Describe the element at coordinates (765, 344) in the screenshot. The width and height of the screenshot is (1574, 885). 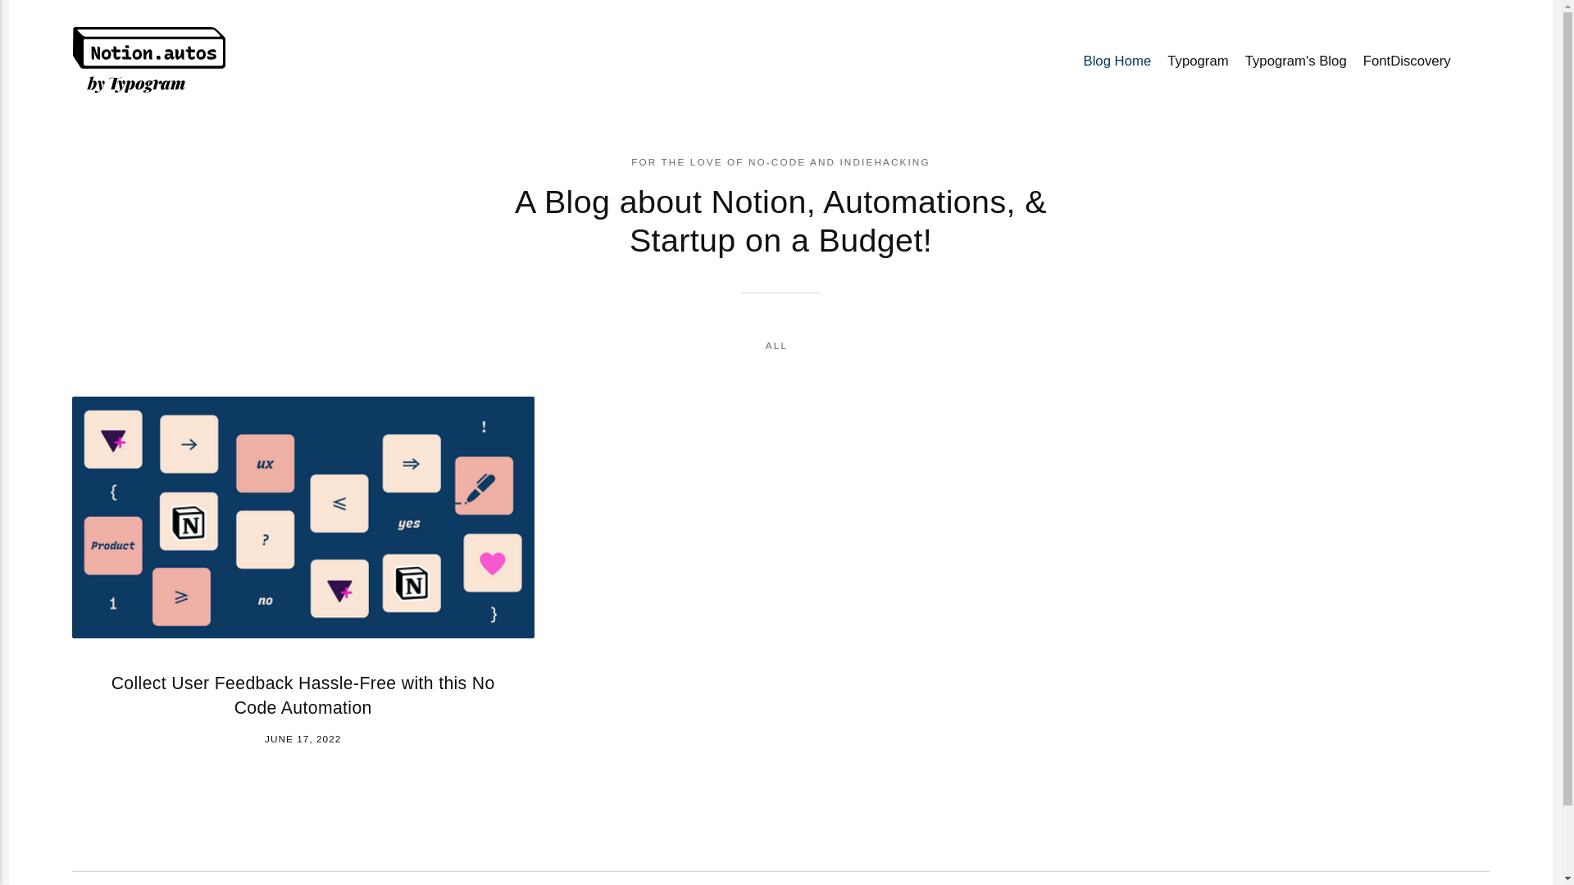
I see `'ALL'` at that location.